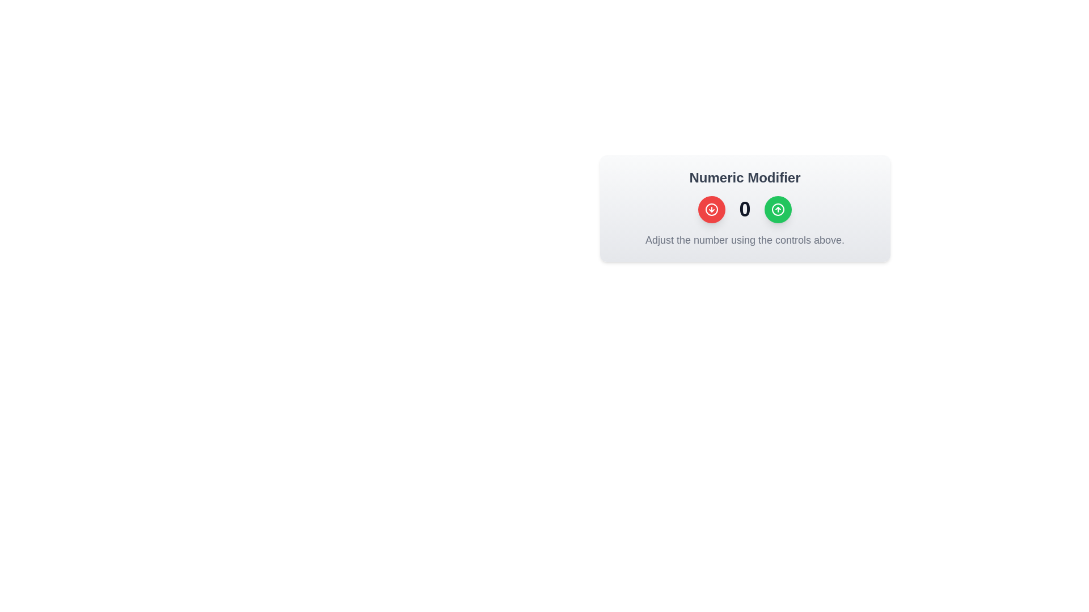  What do you see at coordinates (711, 210) in the screenshot?
I see `the circular red button with a downward arrow inside it, located` at bounding box center [711, 210].